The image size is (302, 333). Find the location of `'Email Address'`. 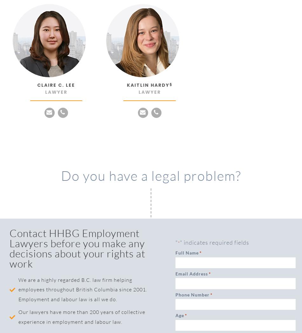

'Email Address' is located at coordinates (191, 273).